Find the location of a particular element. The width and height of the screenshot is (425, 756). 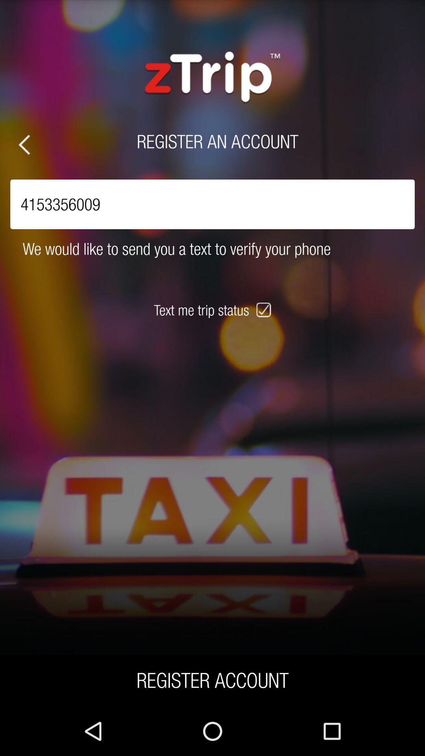

item above 4153356009 is located at coordinates (24, 145).